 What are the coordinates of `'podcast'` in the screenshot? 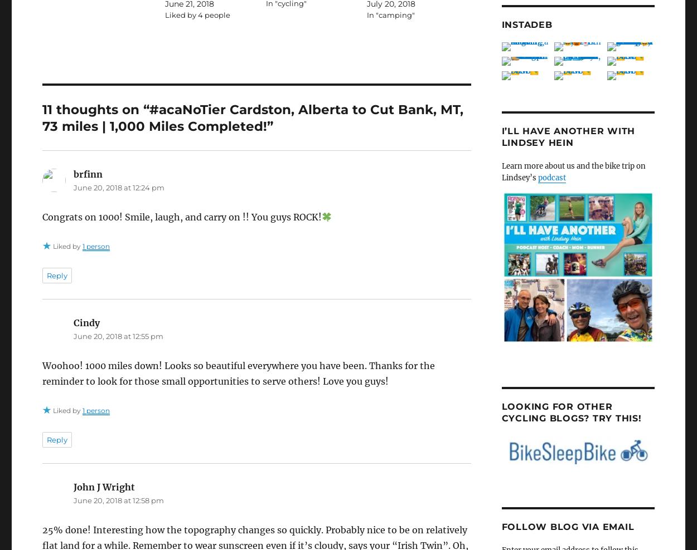 It's located at (551, 178).